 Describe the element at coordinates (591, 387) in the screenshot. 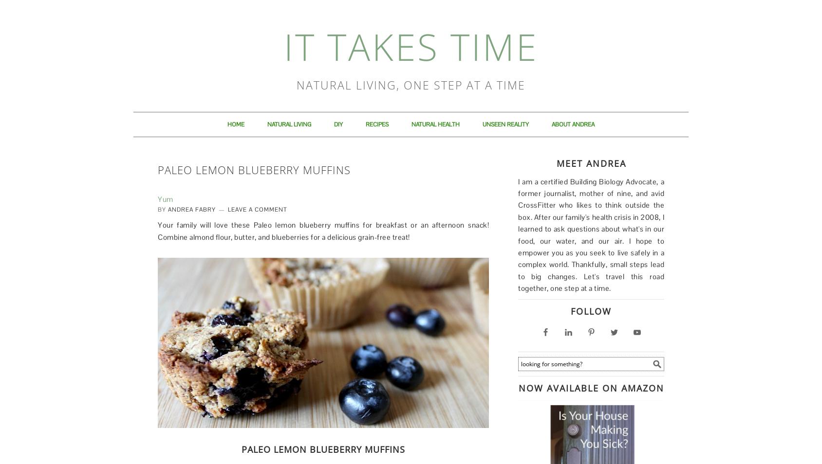

I see `'Now Available on Amazon'` at that location.